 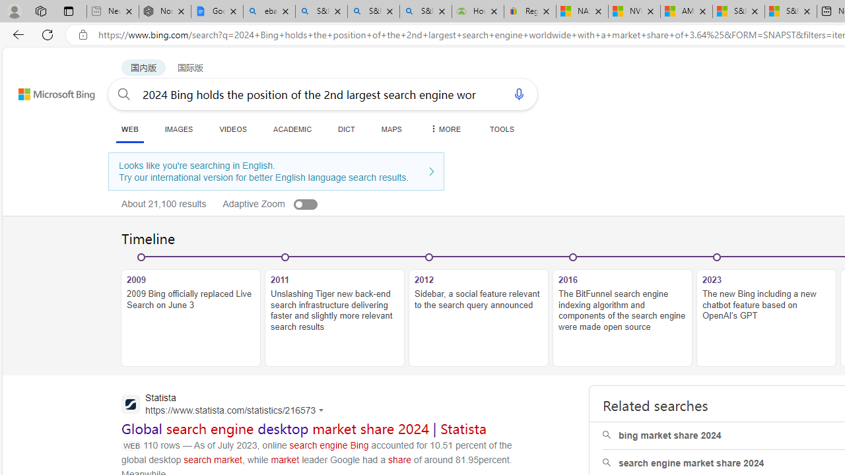 What do you see at coordinates (178, 129) in the screenshot?
I see `'IMAGES'` at bounding box center [178, 129].